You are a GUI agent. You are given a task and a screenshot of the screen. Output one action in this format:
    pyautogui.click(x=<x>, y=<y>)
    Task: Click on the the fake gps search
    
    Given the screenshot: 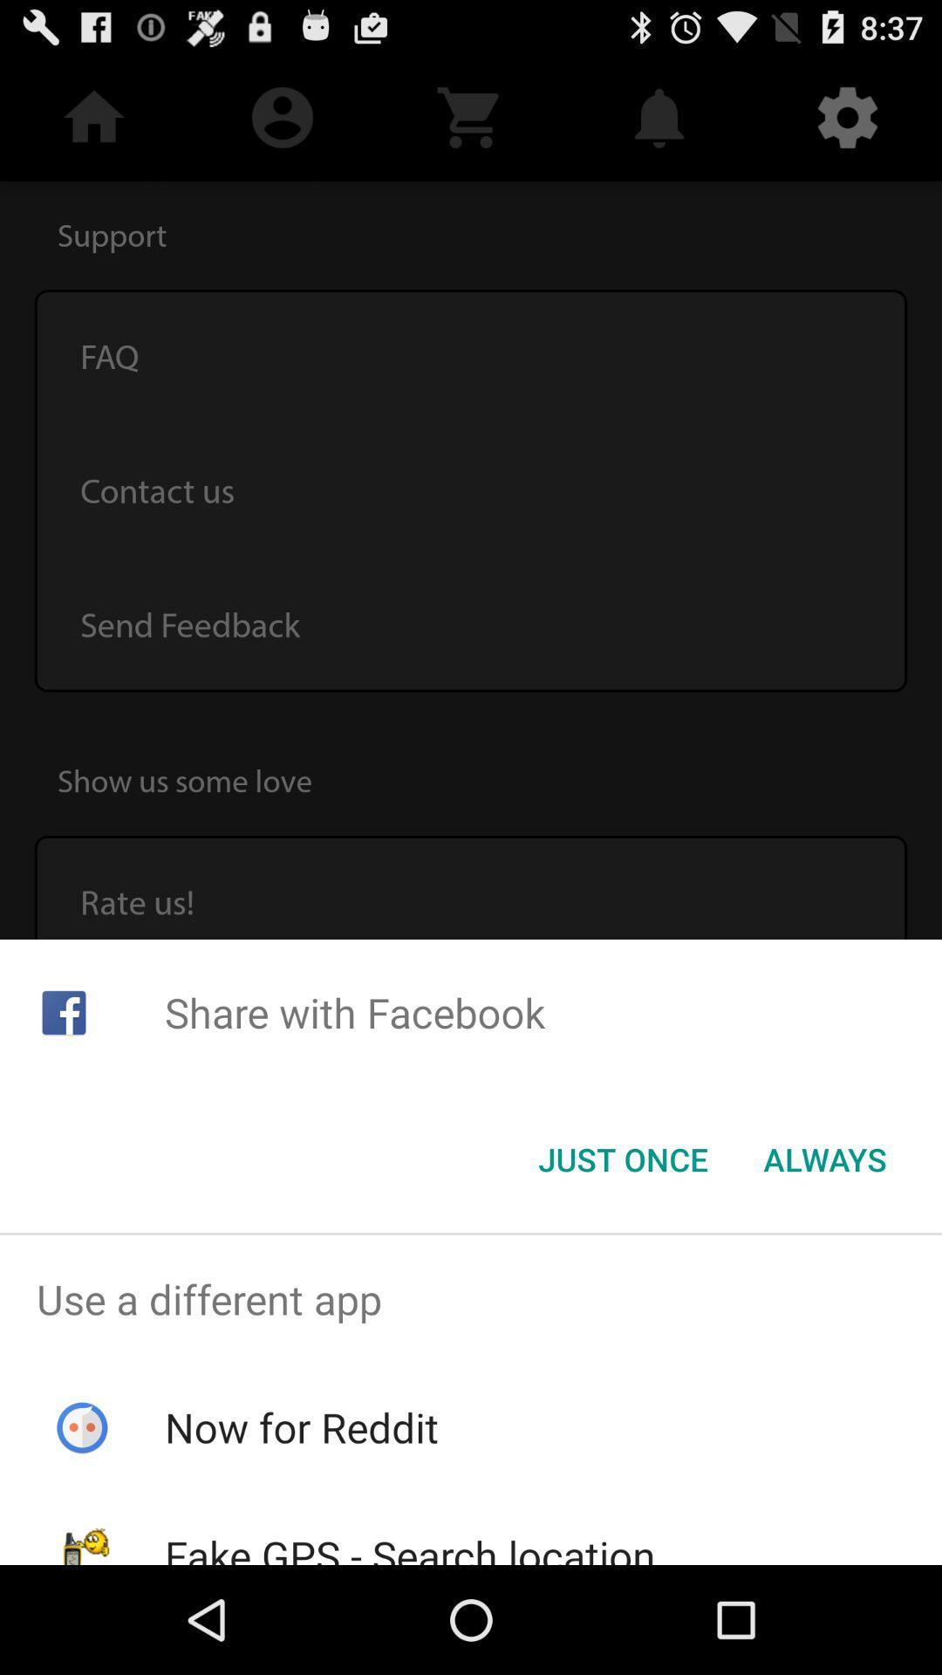 What is the action you would take?
    pyautogui.click(x=410, y=1546)
    